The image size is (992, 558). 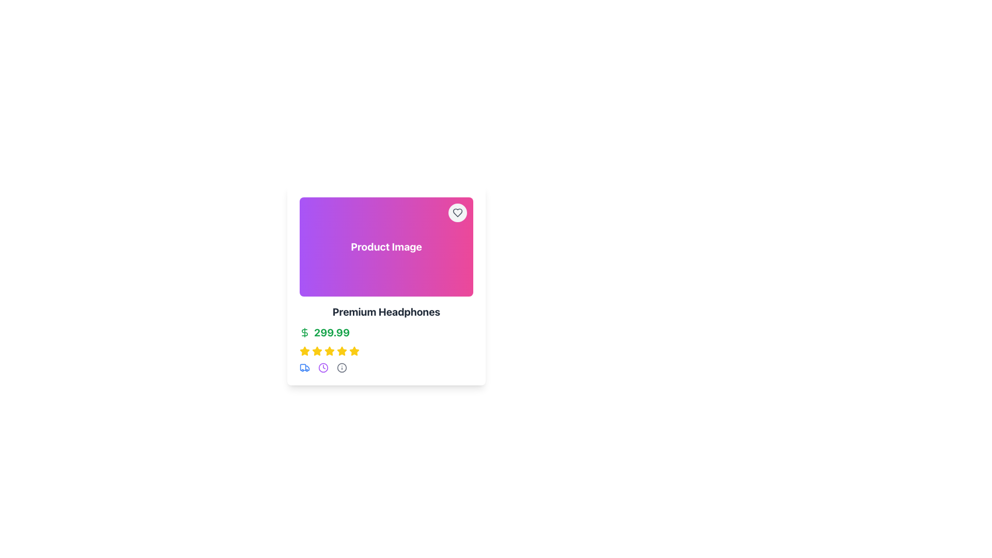 I want to click on the 'Premium Headphones' text label to make the tooltip visible, so click(x=386, y=312).